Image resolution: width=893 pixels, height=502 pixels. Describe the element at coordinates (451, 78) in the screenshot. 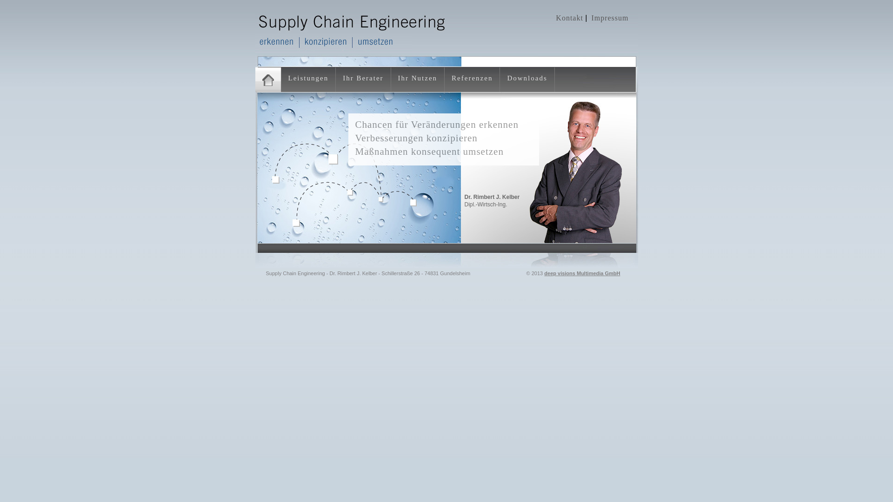

I see `'Referenzen'` at that location.